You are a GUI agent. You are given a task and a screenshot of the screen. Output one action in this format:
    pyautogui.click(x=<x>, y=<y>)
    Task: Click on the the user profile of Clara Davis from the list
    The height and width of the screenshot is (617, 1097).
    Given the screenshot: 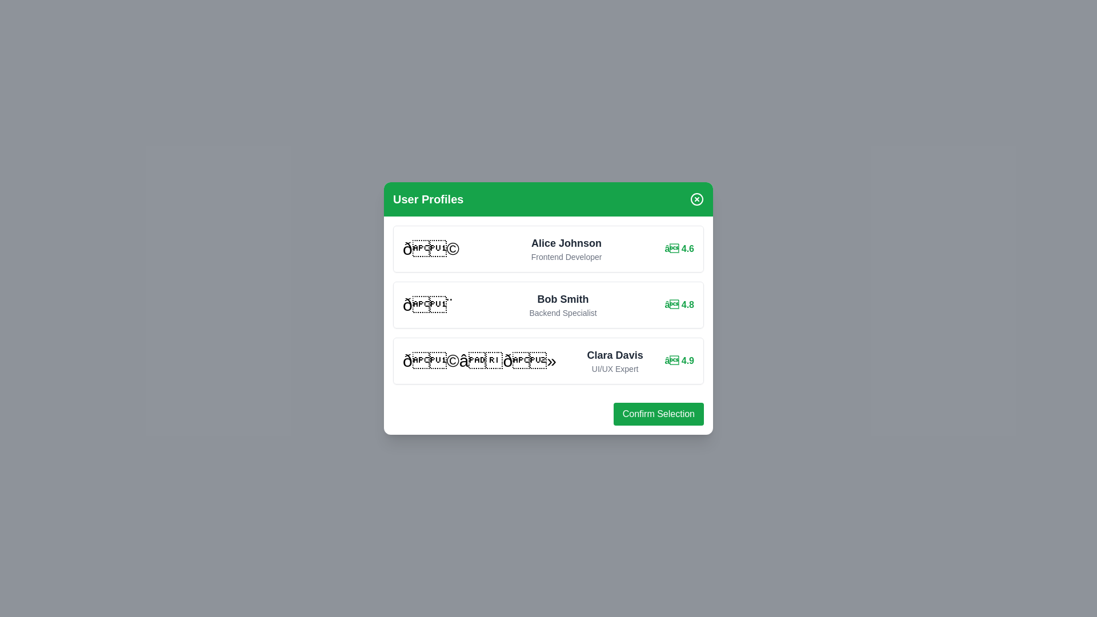 What is the action you would take?
    pyautogui.click(x=548, y=361)
    